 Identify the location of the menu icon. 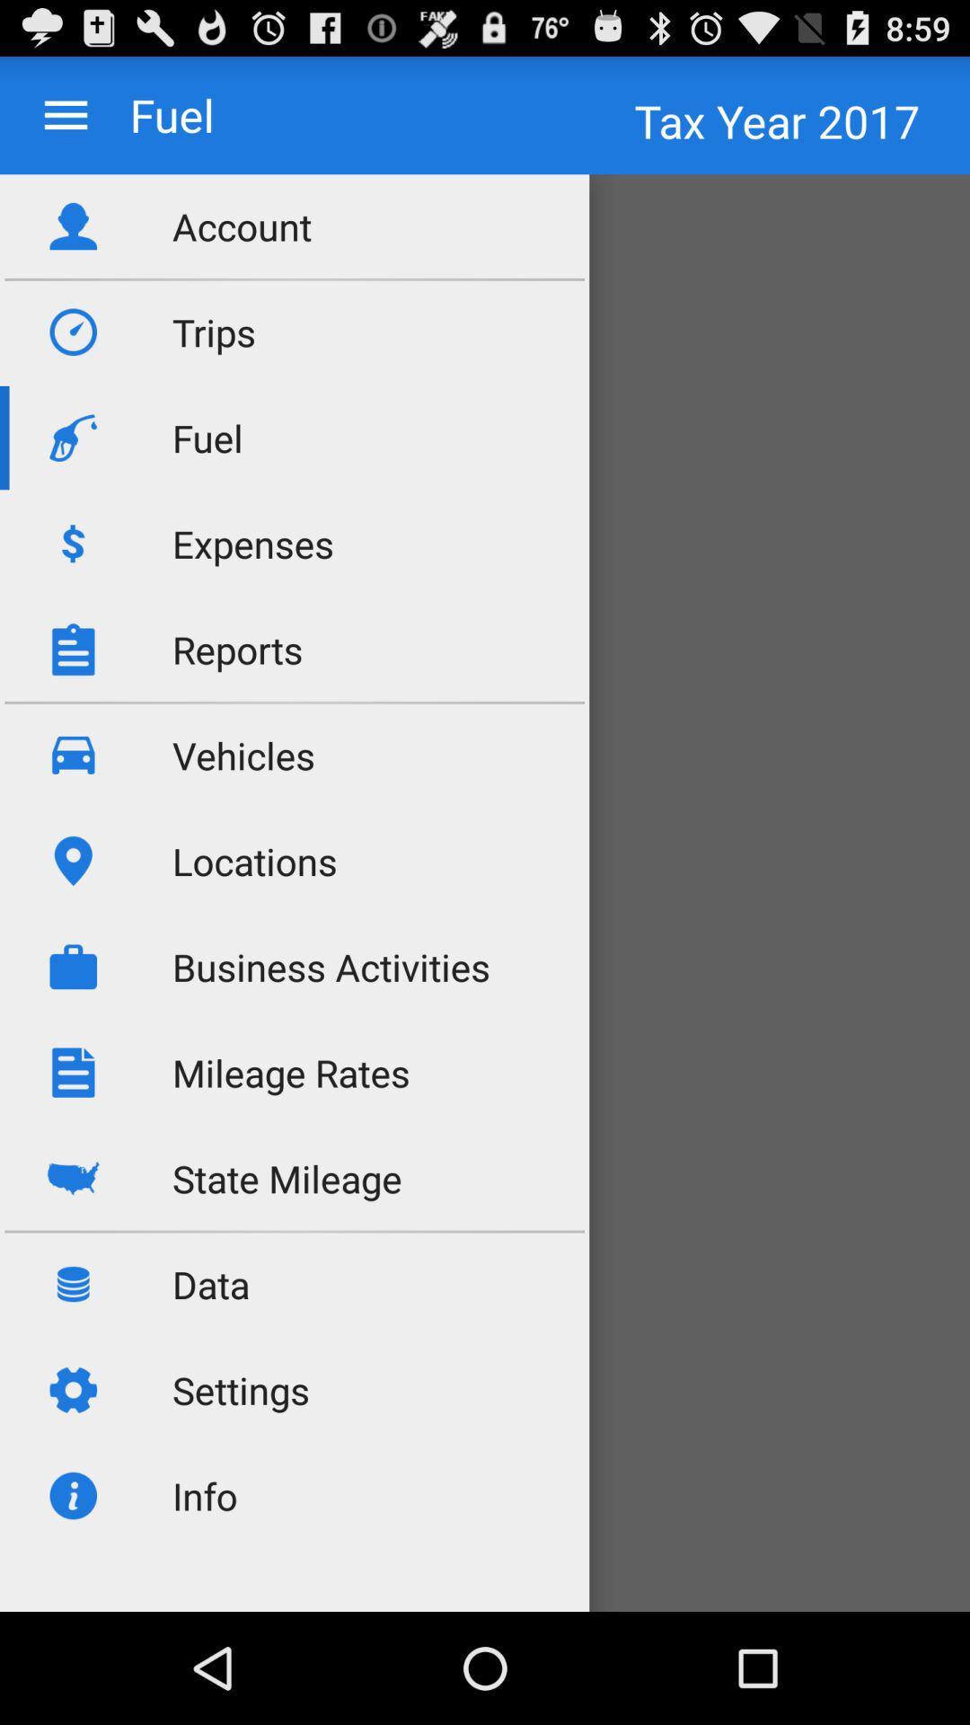
(65, 122).